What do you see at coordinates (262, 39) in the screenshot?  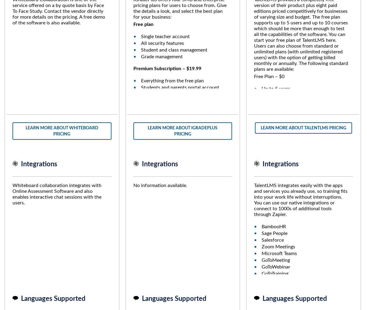 I see `'Certification Management'` at bounding box center [262, 39].